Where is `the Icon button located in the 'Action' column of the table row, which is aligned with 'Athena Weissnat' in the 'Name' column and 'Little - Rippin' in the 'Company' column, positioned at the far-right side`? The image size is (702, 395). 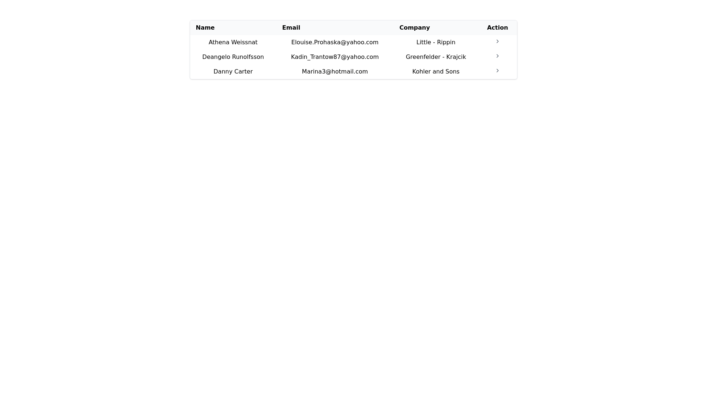 the Icon button located in the 'Action' column of the table row, which is aligned with 'Athena Weissnat' in the 'Name' column and 'Little - Rippin' in the 'Company' column, positioned at the far-right side is located at coordinates (497, 42).